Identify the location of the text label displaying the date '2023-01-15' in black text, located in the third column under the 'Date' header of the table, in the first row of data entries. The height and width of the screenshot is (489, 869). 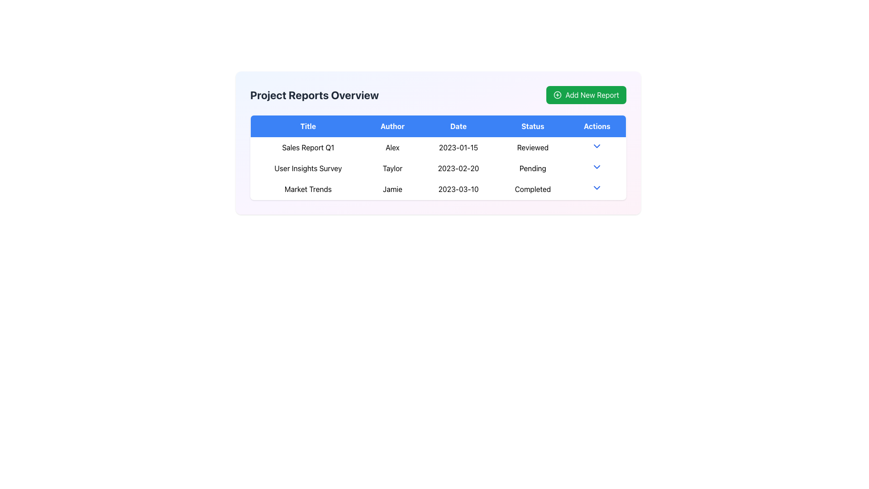
(458, 147).